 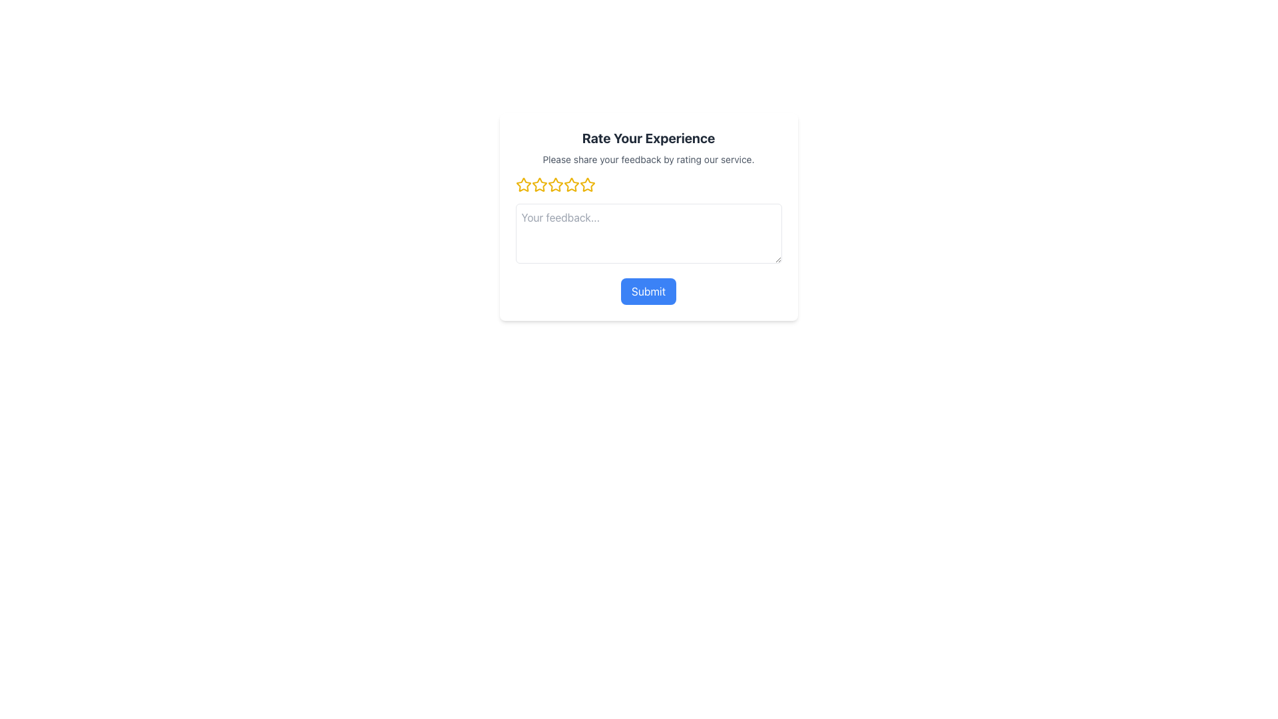 I want to click on the star in the interactive rating element below the title 'Rate Your Experience' to rate the service, so click(x=648, y=184).